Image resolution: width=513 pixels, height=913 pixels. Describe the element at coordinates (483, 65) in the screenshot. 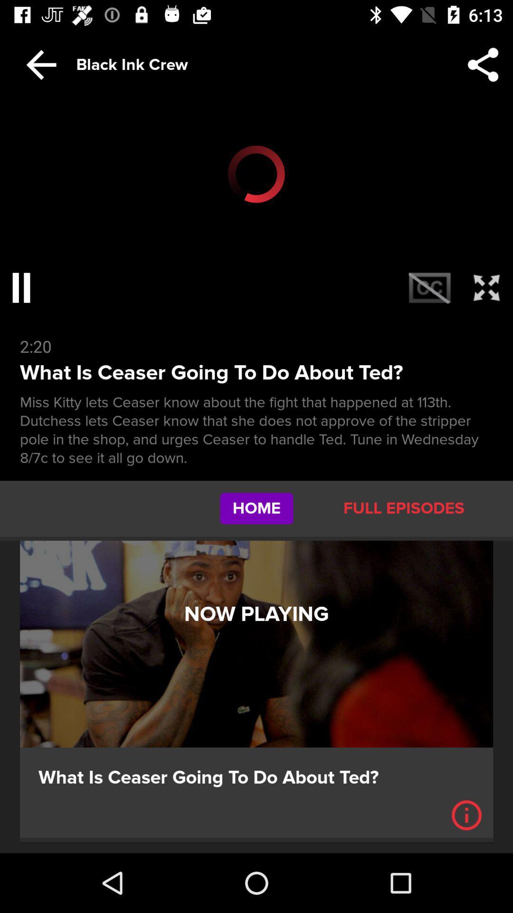

I see `the button which is to the immediate right of black ink crew` at that location.